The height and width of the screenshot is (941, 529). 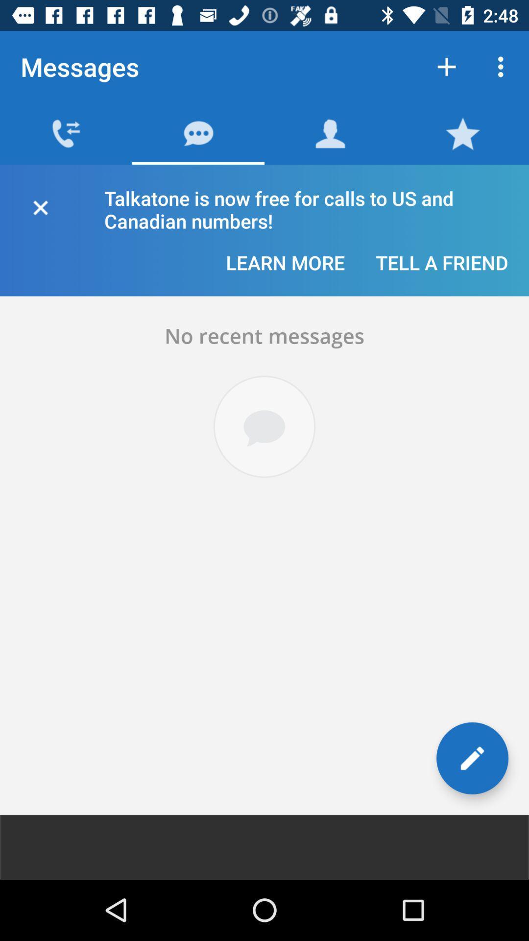 What do you see at coordinates (472, 758) in the screenshot?
I see `the edit icon` at bounding box center [472, 758].